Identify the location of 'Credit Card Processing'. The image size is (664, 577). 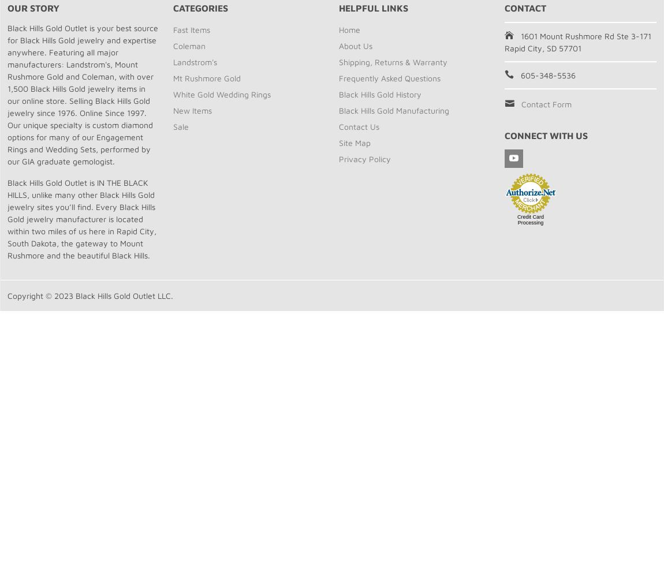
(530, 220).